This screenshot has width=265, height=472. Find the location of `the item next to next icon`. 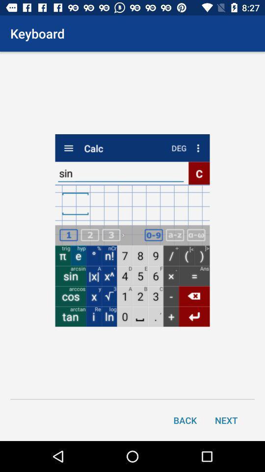

the item next to next icon is located at coordinates (185, 419).